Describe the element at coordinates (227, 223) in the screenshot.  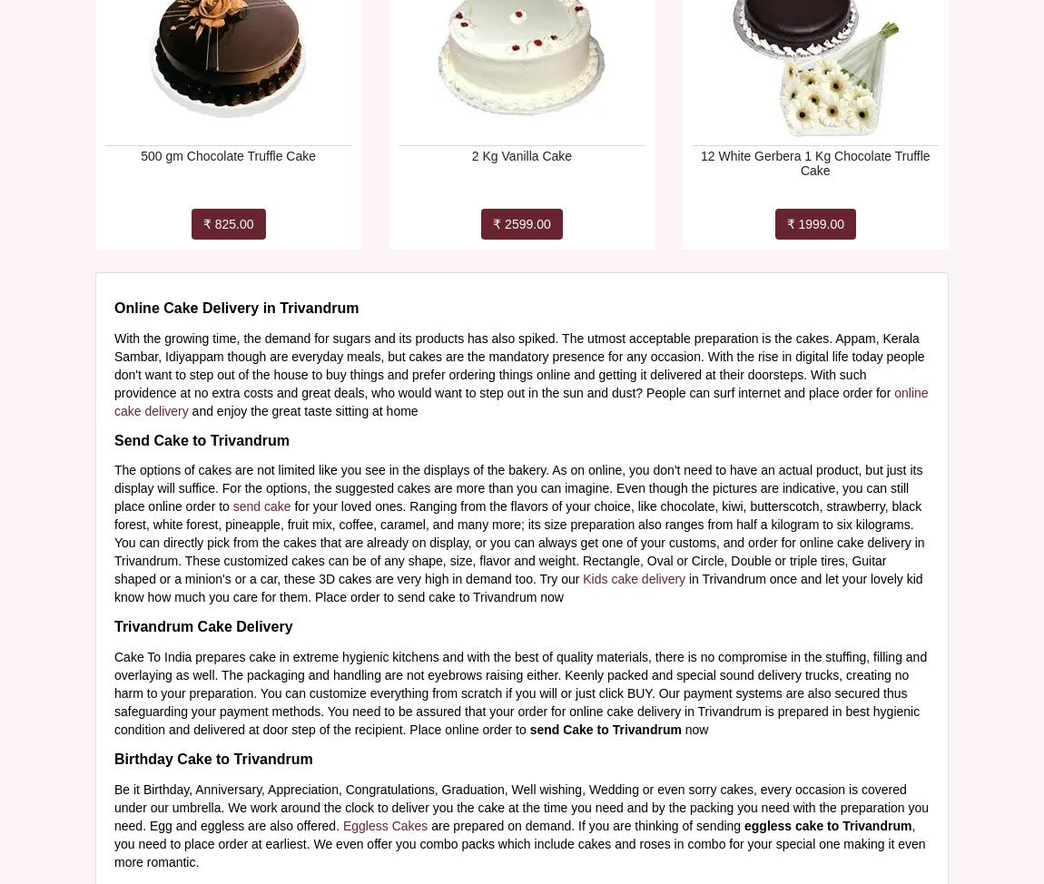
I see `'₹ 825.00'` at that location.